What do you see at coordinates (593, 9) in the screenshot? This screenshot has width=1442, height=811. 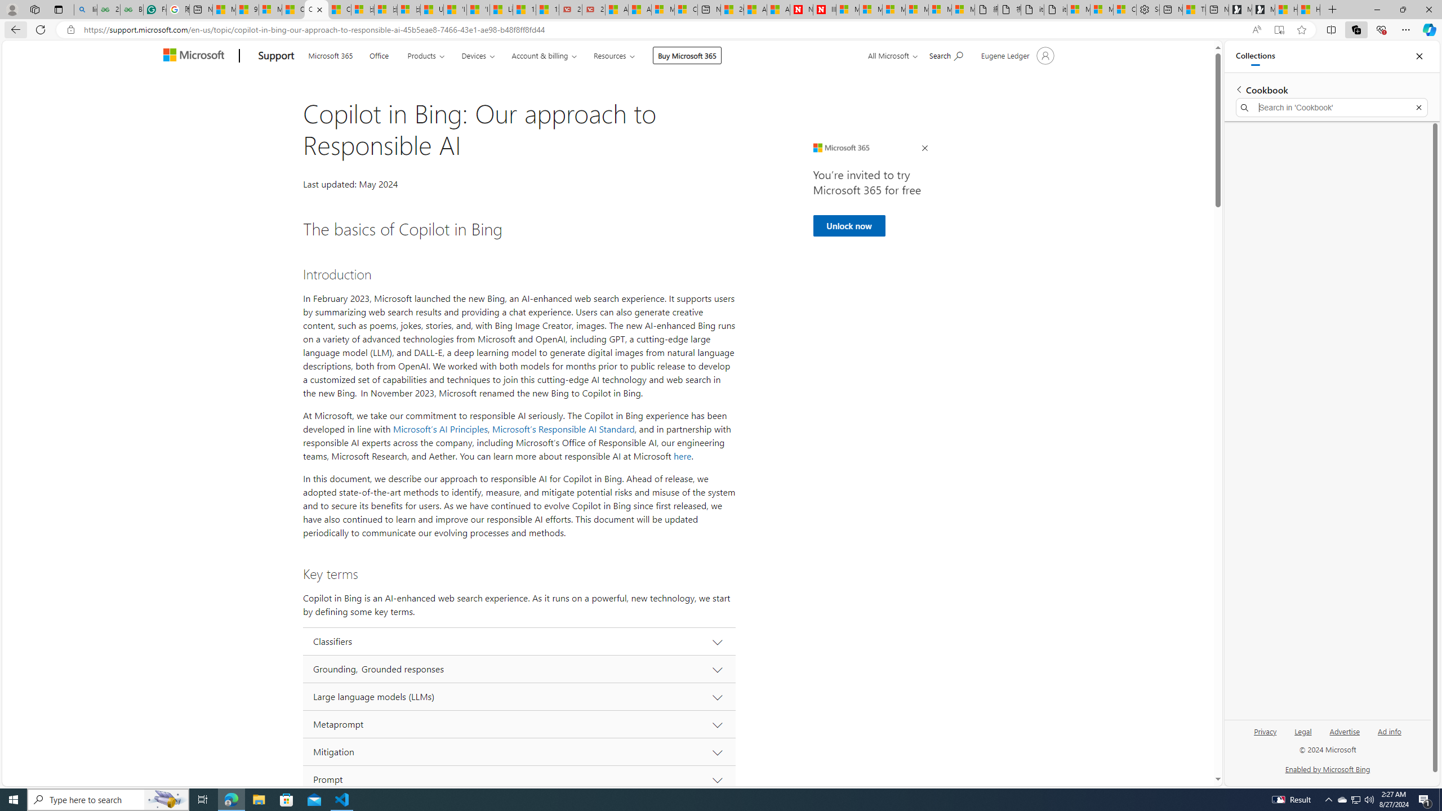 I see `'21 Movies That Outdid the Books They Were Based On'` at bounding box center [593, 9].